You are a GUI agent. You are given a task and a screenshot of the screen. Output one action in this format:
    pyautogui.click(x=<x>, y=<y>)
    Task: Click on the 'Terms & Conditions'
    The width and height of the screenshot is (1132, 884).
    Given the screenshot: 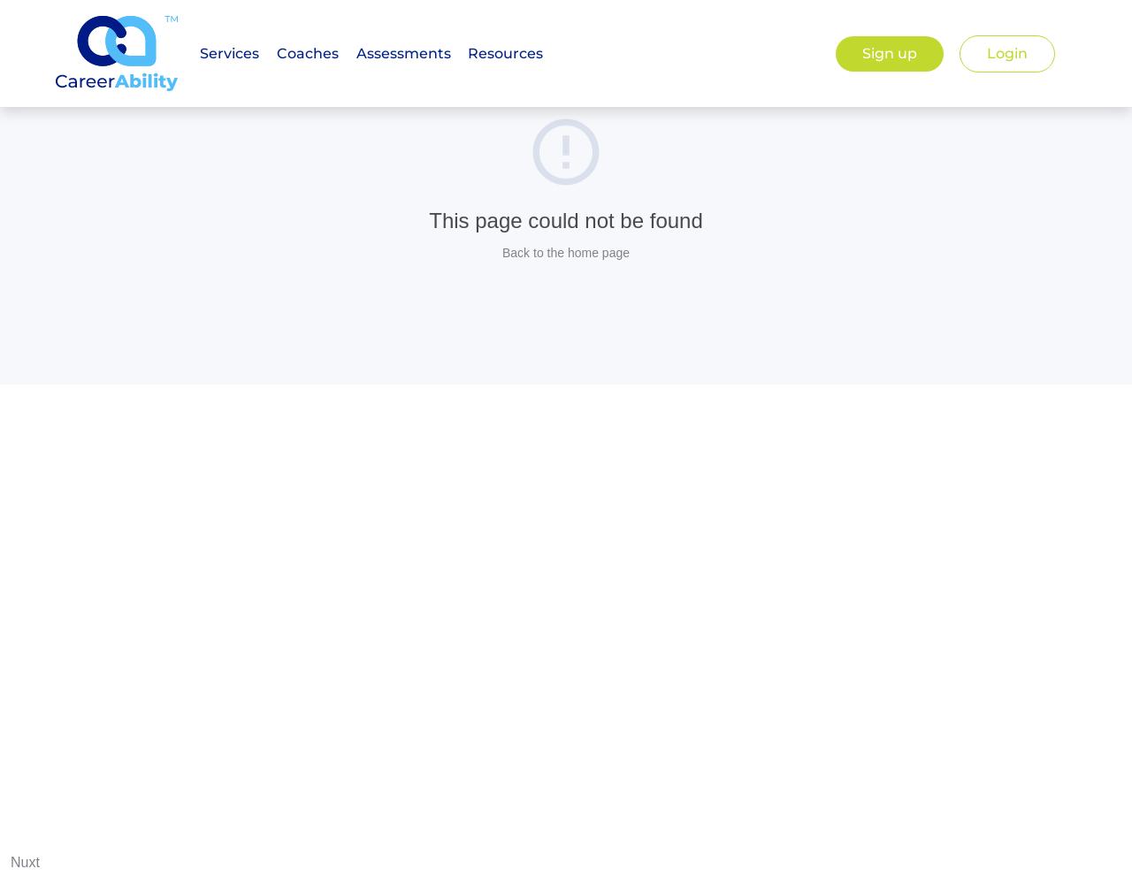 What is the action you would take?
    pyautogui.click(x=710, y=278)
    